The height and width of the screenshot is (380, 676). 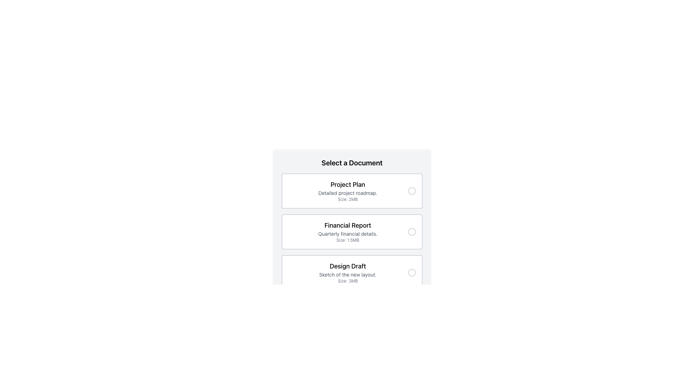 I want to click on Text Label displaying 'Sketch of the new layout.' which is styled in a small gray font, positioned beneath the title 'Design Draft' in the vertical sequence of text elements, so click(x=348, y=274).